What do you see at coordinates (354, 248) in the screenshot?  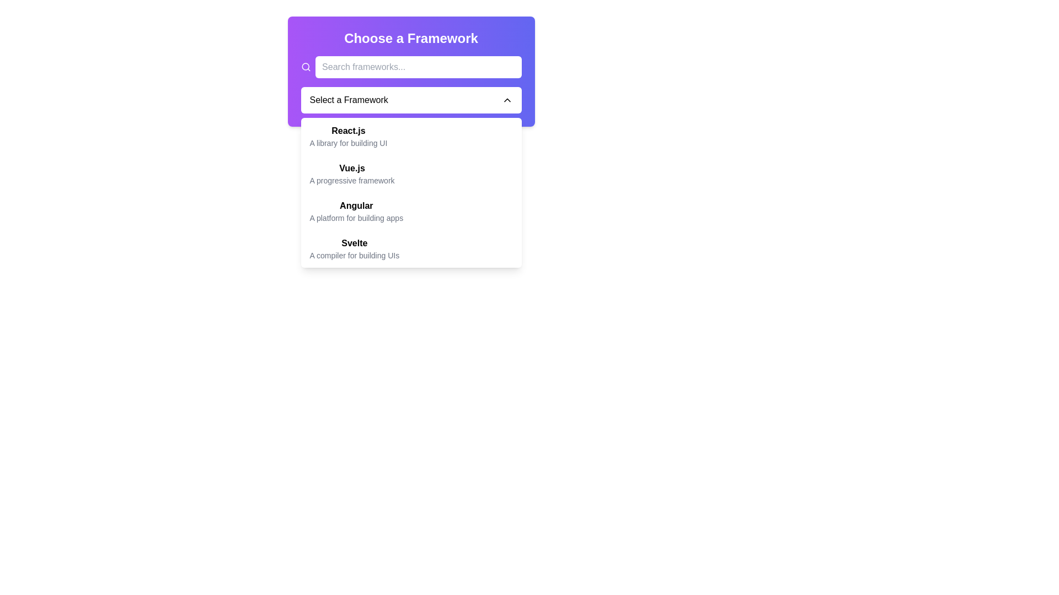 I see `the fourth item in the dropdown menu labeled 'Svelte'` at bounding box center [354, 248].